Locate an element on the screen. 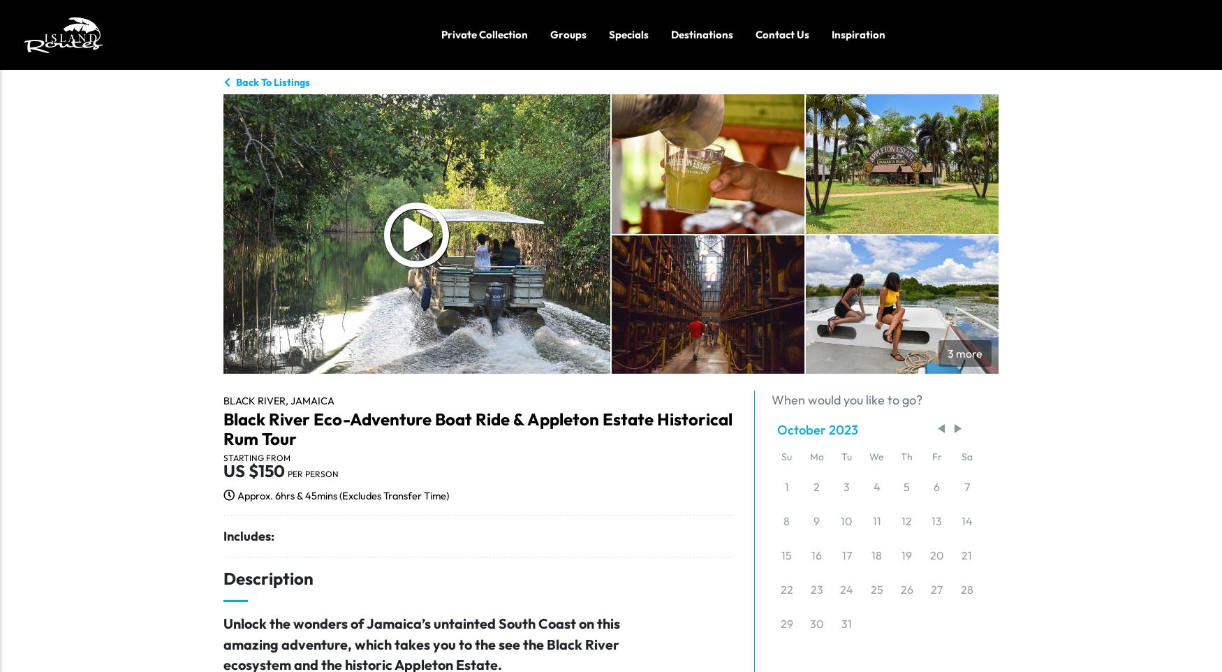 This screenshot has width=1222, height=672. '29' is located at coordinates (786, 622).